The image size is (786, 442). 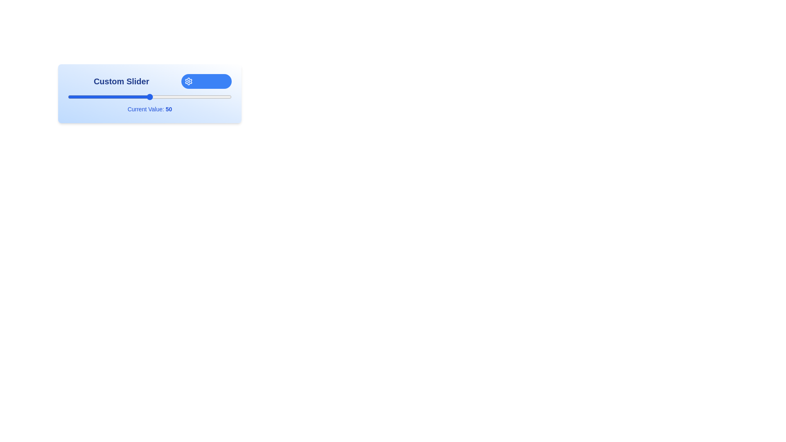 What do you see at coordinates (163, 96) in the screenshot?
I see `the slider's value` at bounding box center [163, 96].